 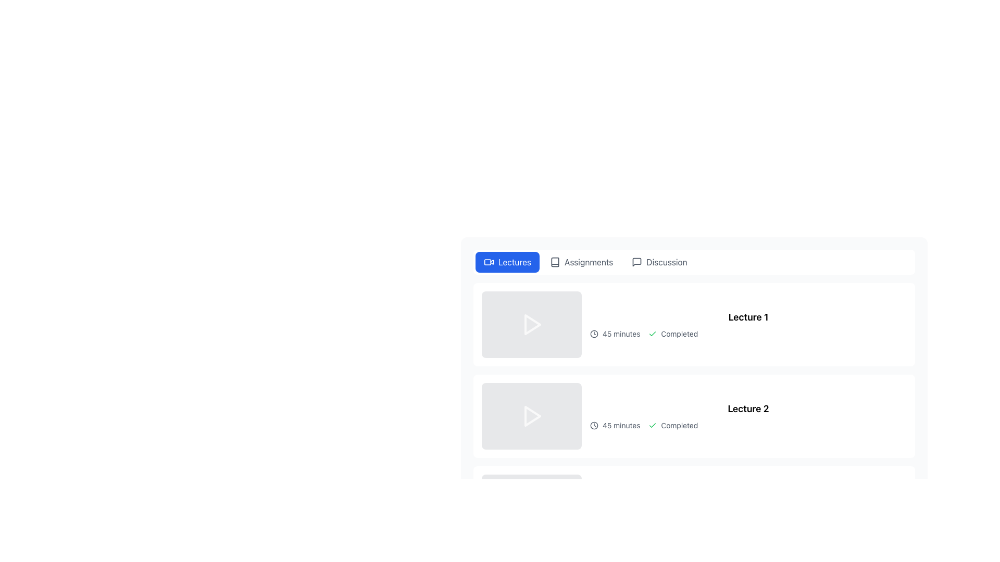 What do you see at coordinates (747, 408) in the screenshot?
I see `the Text label that serves as the title for the second lecture entry, positioned below 'Lecture 1'` at bounding box center [747, 408].